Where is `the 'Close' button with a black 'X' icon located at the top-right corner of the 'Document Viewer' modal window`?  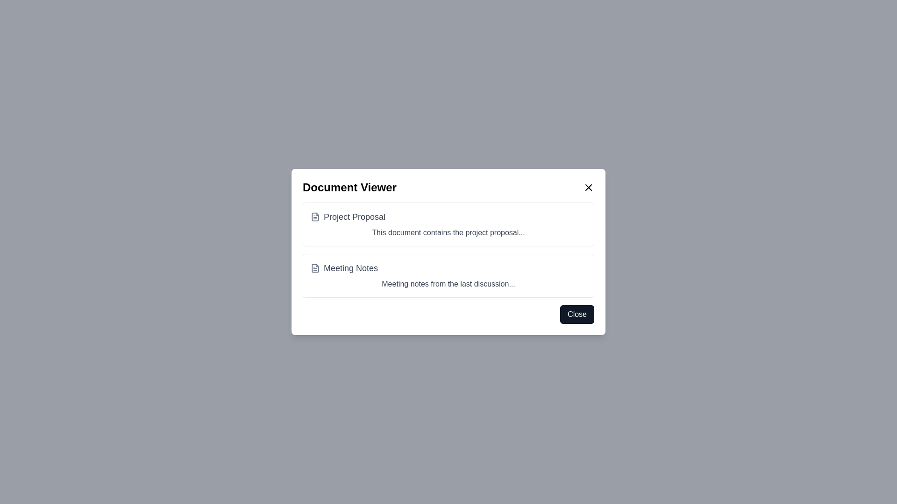
the 'Close' button with a black 'X' icon located at the top-right corner of the 'Document Viewer' modal window is located at coordinates (588, 187).